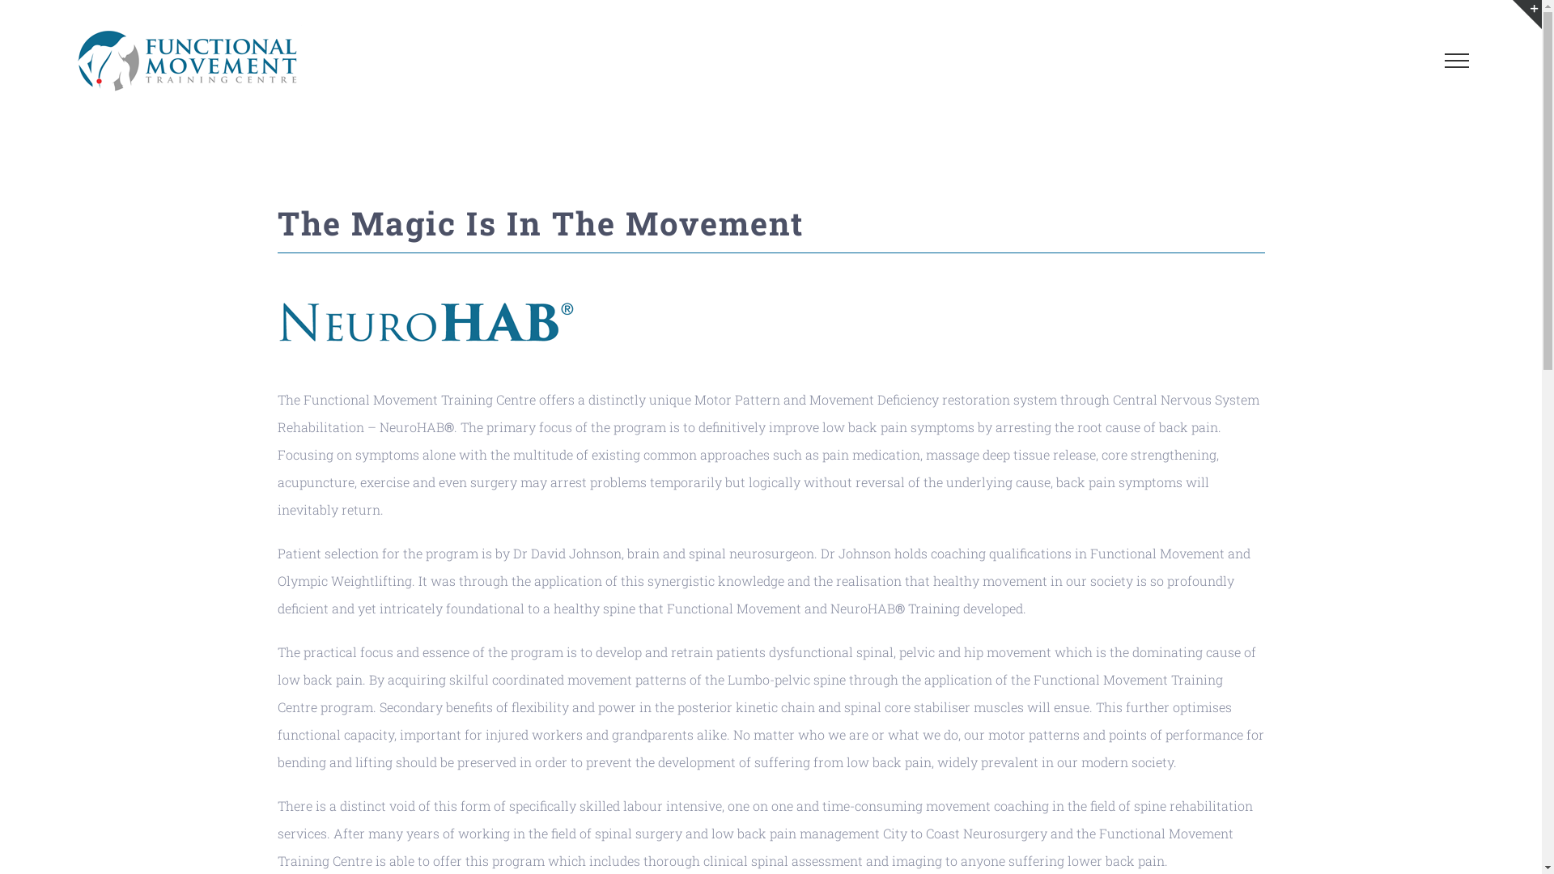  Describe the element at coordinates (1511, 15) in the screenshot. I see `'Toggle Sliding Bar Area'` at that location.